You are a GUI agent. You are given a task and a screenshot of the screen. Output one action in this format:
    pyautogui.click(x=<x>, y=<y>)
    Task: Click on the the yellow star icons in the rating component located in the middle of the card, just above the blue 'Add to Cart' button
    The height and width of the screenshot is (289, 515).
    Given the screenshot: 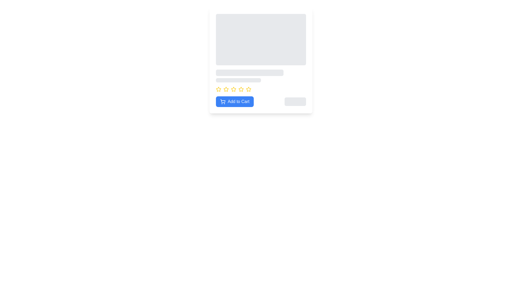 What is the action you would take?
    pyautogui.click(x=261, y=89)
    